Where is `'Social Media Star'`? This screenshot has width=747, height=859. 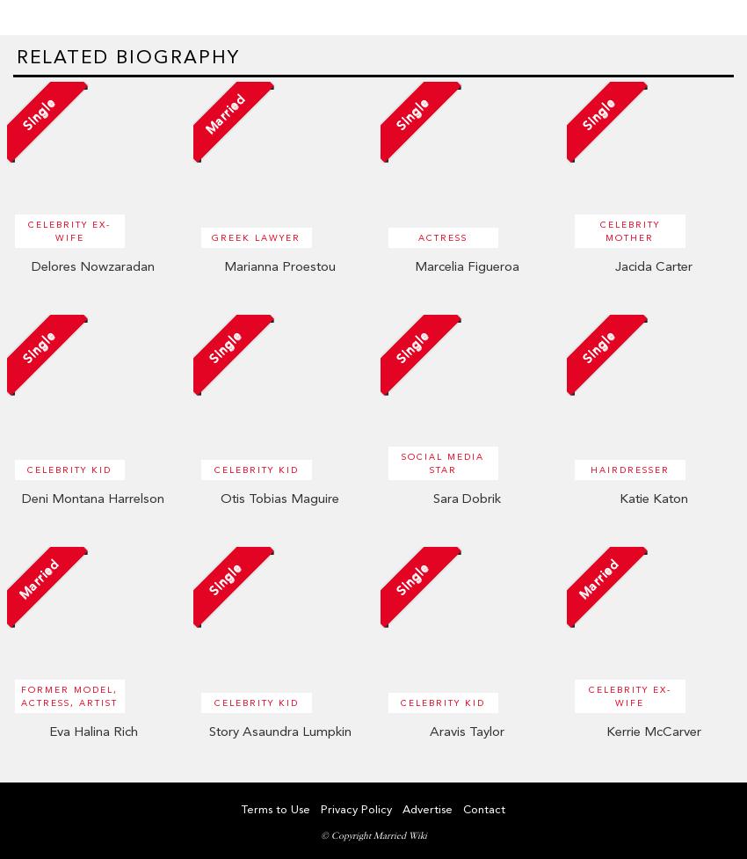 'Social Media Star' is located at coordinates (442, 462).